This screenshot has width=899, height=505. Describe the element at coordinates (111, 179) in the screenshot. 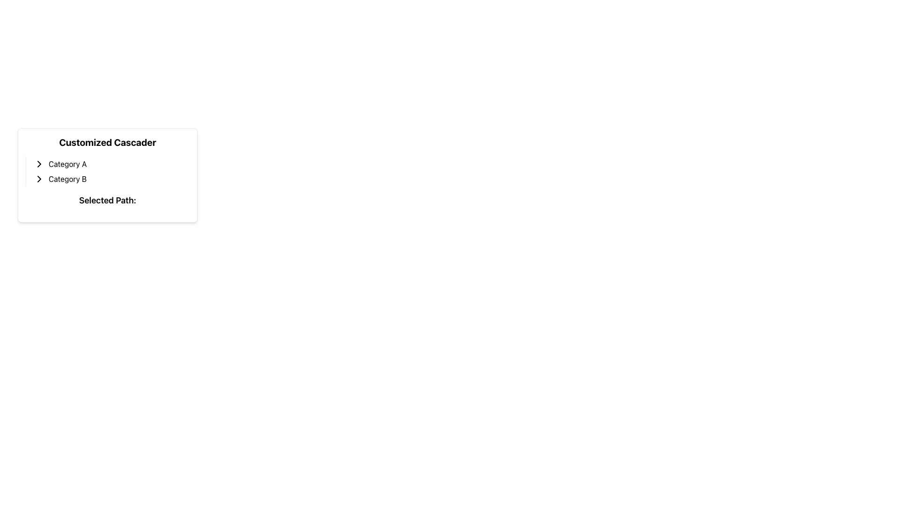

I see `the second clickable option under 'Category A'` at that location.